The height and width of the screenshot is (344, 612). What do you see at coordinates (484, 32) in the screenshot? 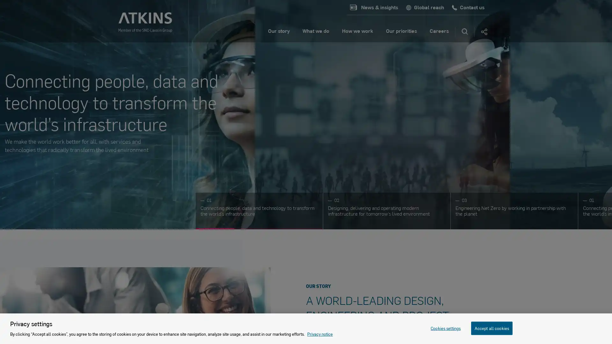
I see `Share` at bounding box center [484, 32].